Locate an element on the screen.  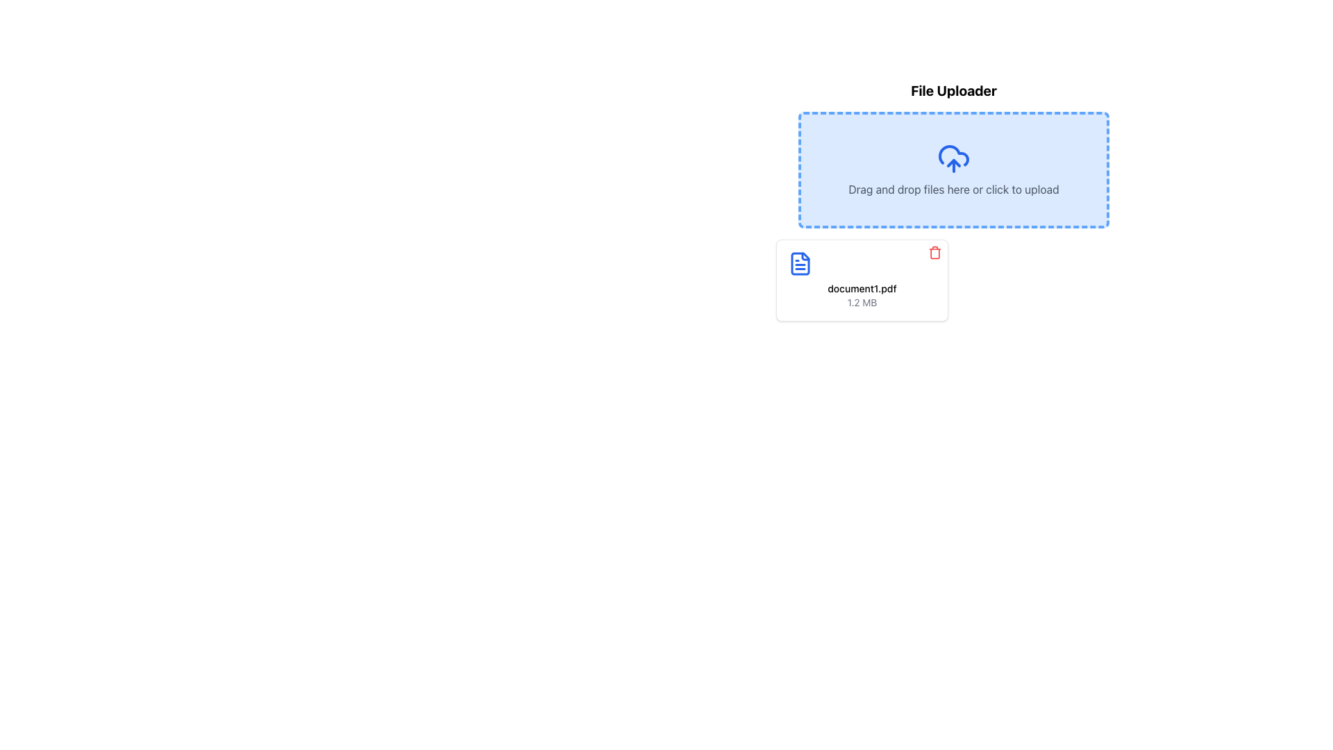
the text display element labeled 'document1.pdf' with size information '1.2 MB', located below a blue file icon and adjacent to a red delete icon is located at coordinates (862, 294).